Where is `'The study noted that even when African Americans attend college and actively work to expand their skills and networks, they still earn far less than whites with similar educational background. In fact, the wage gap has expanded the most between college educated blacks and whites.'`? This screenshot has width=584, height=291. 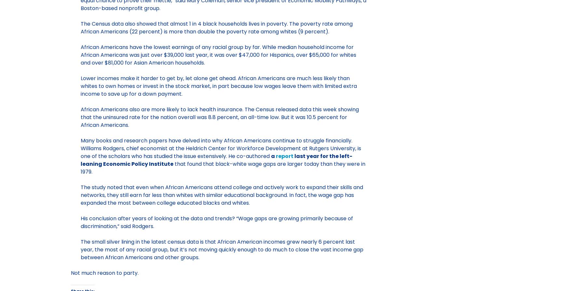 'The study noted that even when African Americans attend college and actively work to expand their skills and networks, they still earn far less than whites with similar educational background. In fact, the wage gap has expanded the most between college educated blacks and whites.' is located at coordinates (221, 195).